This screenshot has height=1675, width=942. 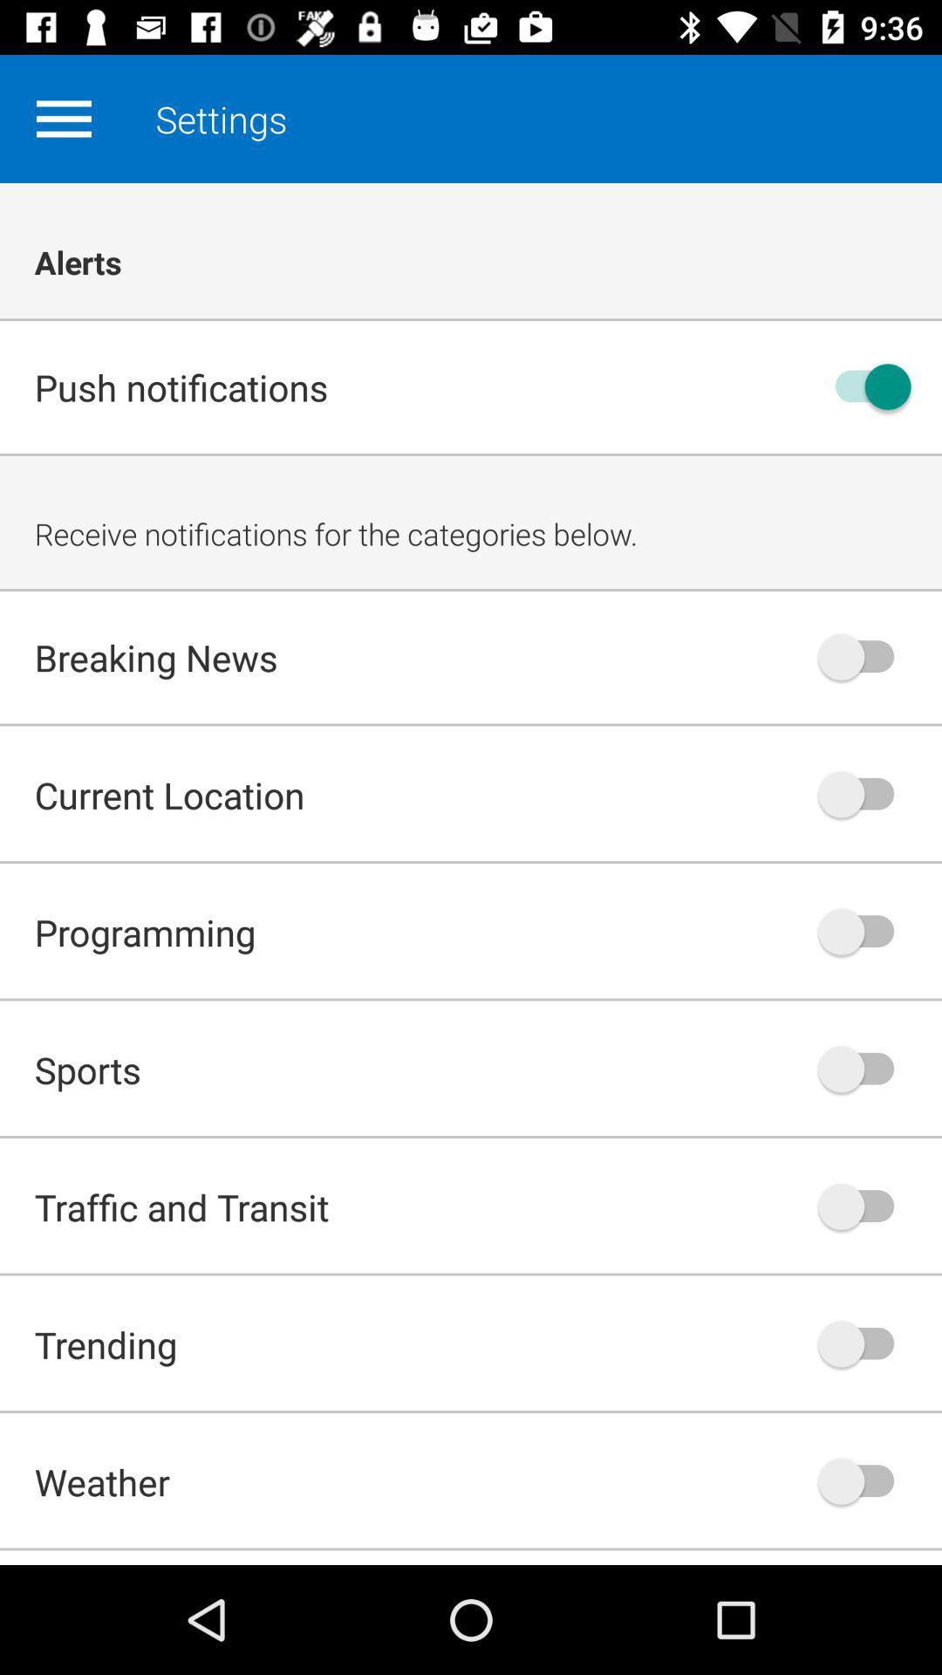 I want to click on settings menu option, so click(x=63, y=118).